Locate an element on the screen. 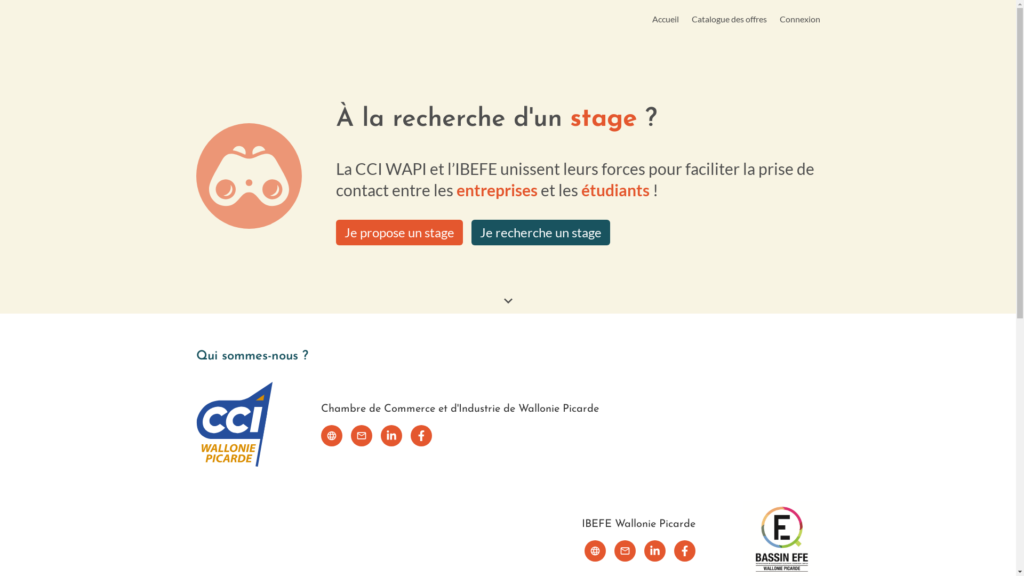 Image resolution: width=1024 pixels, height=576 pixels. 'Je recherche un stage' is located at coordinates (540, 231).